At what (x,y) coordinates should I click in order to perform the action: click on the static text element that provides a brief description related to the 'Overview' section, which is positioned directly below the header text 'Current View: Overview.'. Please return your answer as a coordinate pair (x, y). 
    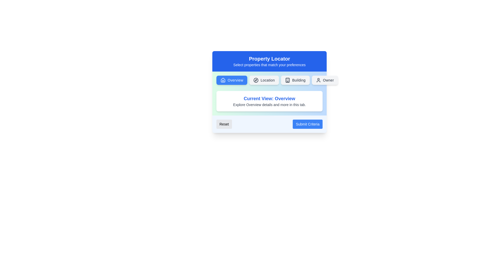
    Looking at the image, I should click on (269, 104).